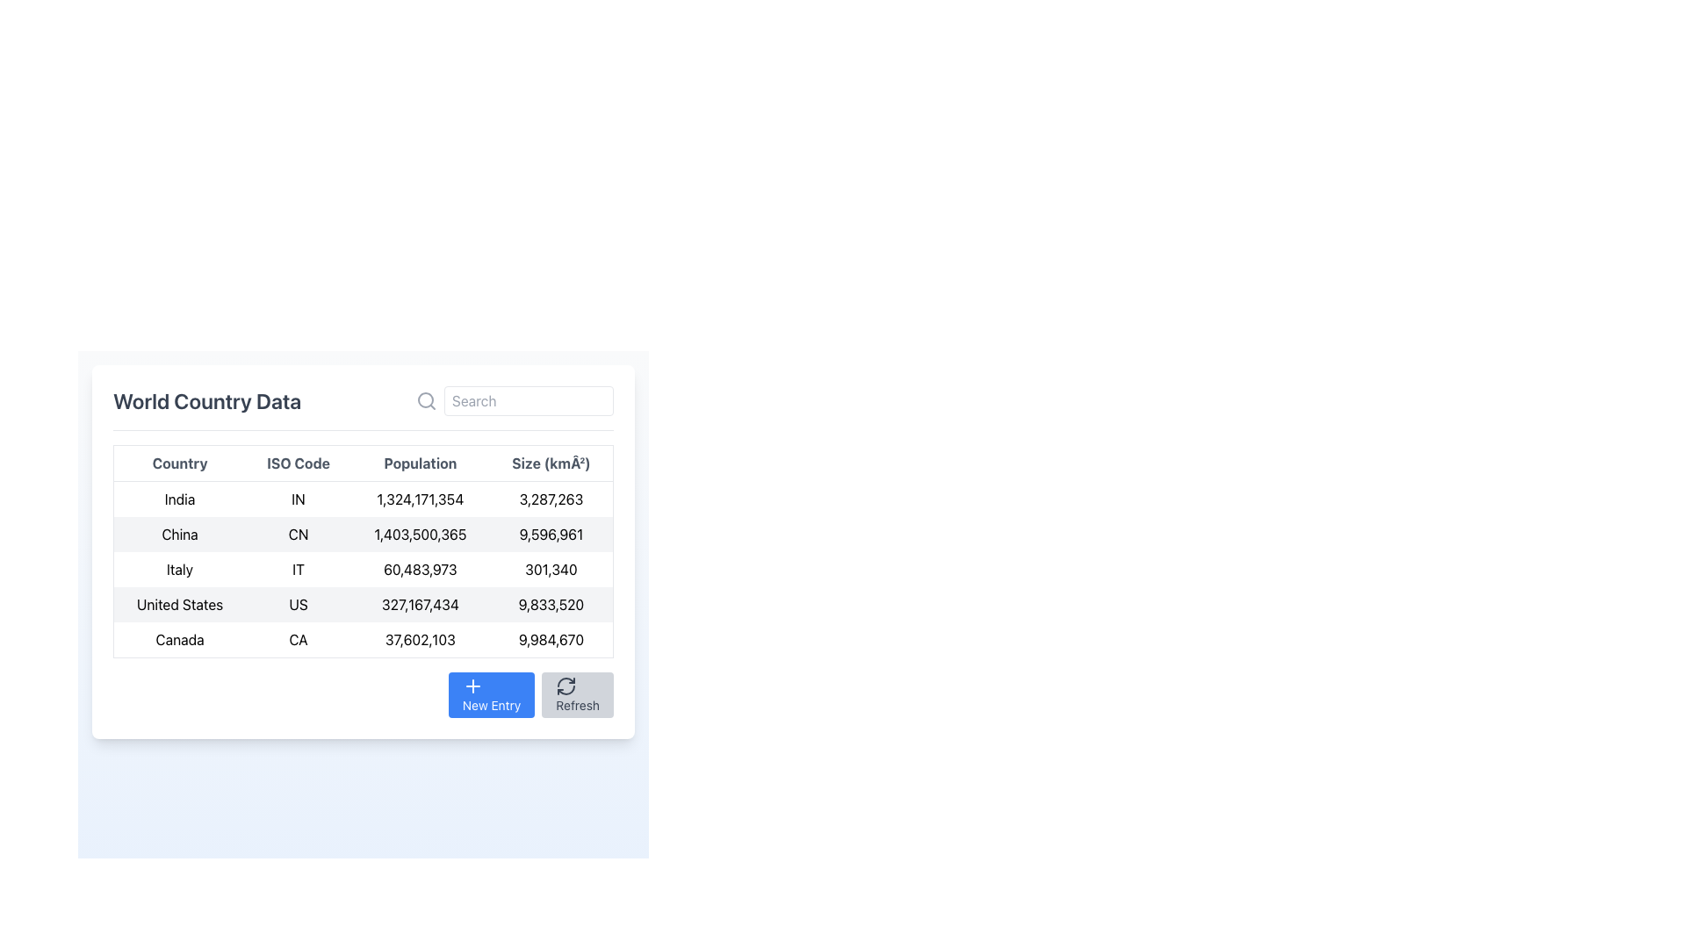 The image size is (1686, 948). What do you see at coordinates (179, 569) in the screenshot?
I see `the Text Display element that shows 'Italy' in the third row of the tabular data under the 'Country' column` at bounding box center [179, 569].